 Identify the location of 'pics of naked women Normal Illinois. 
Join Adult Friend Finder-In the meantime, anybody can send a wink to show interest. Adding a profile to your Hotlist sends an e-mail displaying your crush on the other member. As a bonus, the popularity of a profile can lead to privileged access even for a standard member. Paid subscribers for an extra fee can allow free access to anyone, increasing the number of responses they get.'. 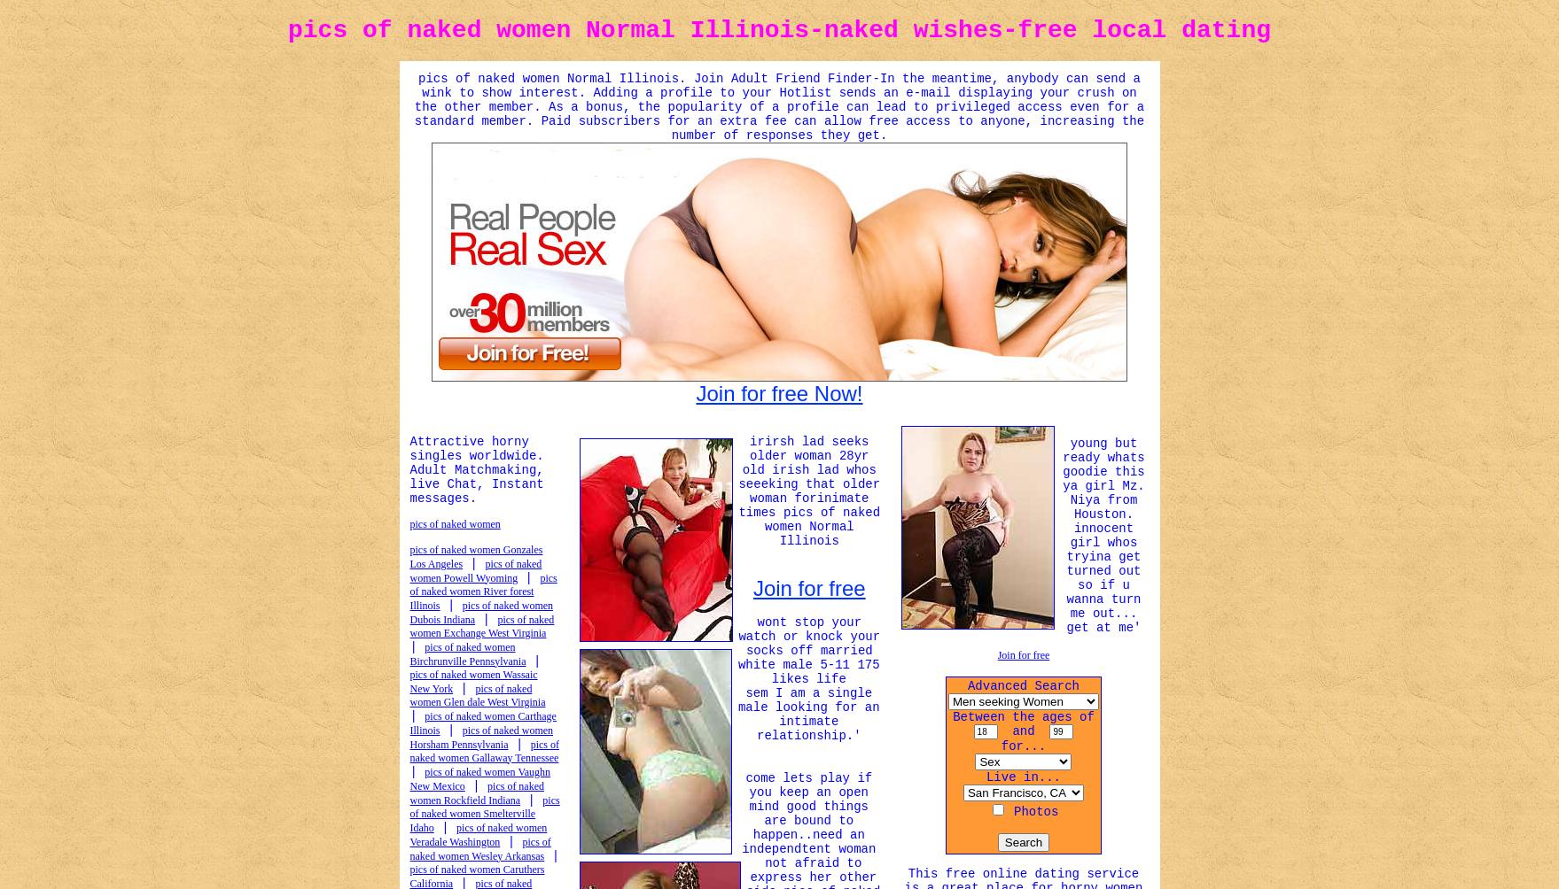
(778, 105).